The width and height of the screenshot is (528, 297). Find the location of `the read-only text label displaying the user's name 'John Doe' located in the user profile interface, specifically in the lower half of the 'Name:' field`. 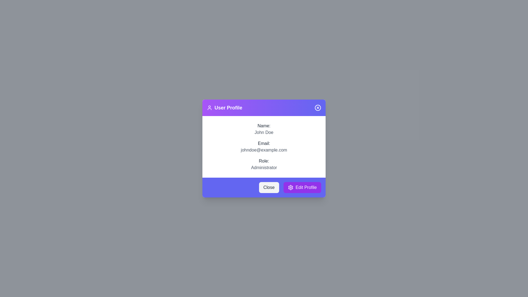

the read-only text label displaying the user's name 'John Doe' located in the user profile interface, specifically in the lower half of the 'Name:' field is located at coordinates (264, 133).